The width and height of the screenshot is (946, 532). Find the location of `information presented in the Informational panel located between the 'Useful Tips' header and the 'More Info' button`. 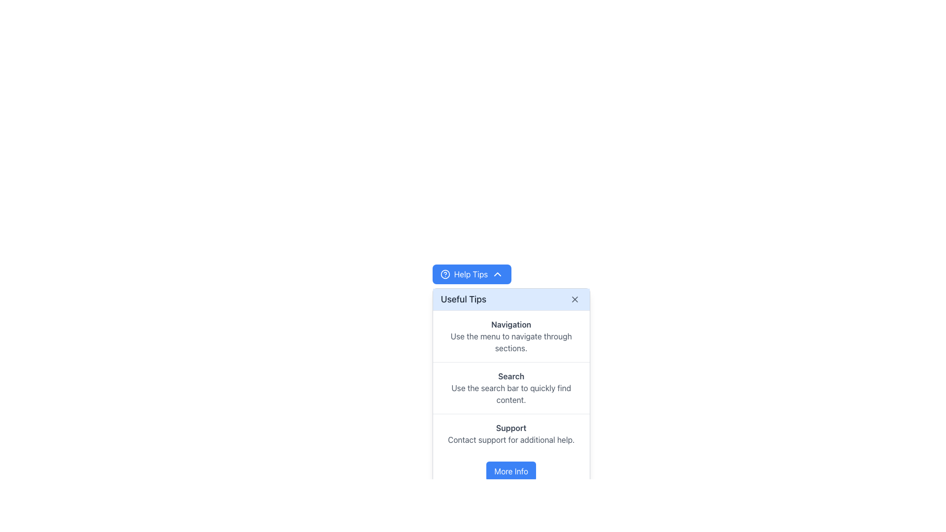

information presented in the Informational panel located between the 'Useful Tips' header and the 'More Info' button is located at coordinates (511, 381).